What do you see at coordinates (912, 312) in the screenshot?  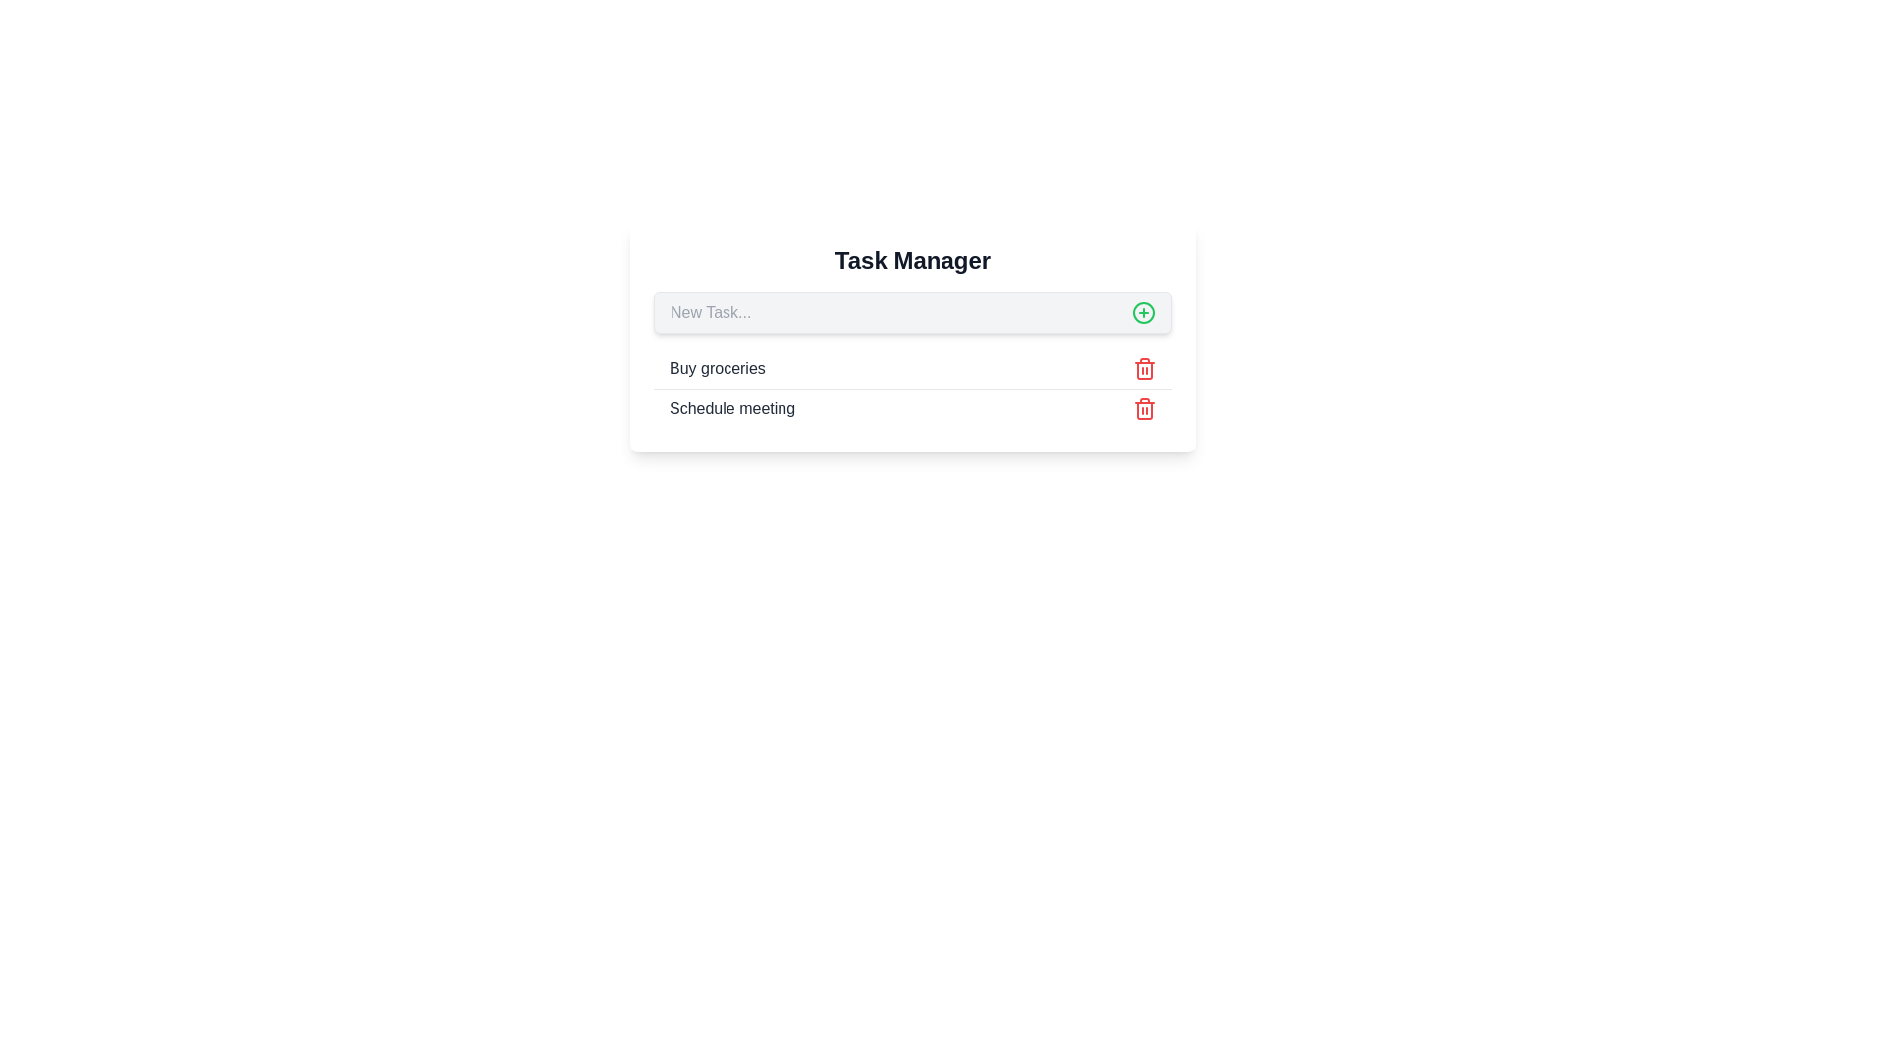 I see `the green plus button located in the task entry field of the Task Manager card` at bounding box center [912, 312].